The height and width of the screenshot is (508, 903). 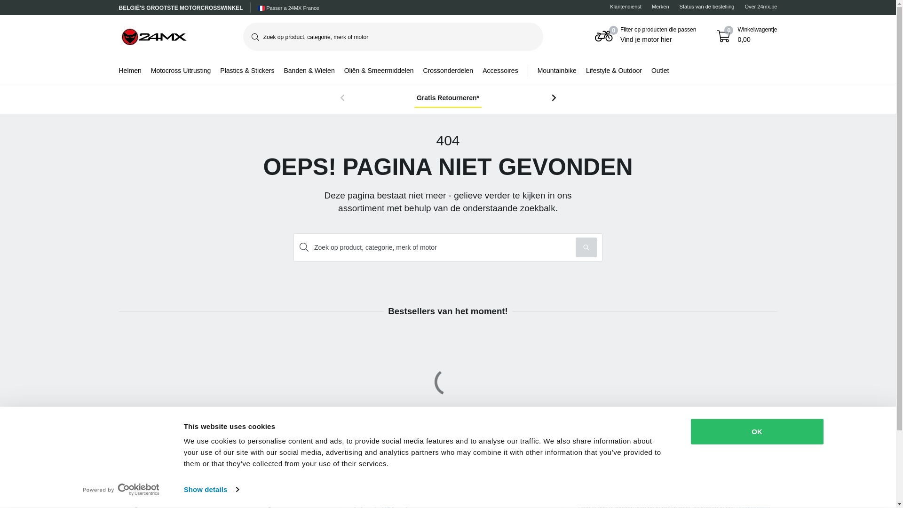 I want to click on 'Status van de bestelling', so click(x=707, y=7).